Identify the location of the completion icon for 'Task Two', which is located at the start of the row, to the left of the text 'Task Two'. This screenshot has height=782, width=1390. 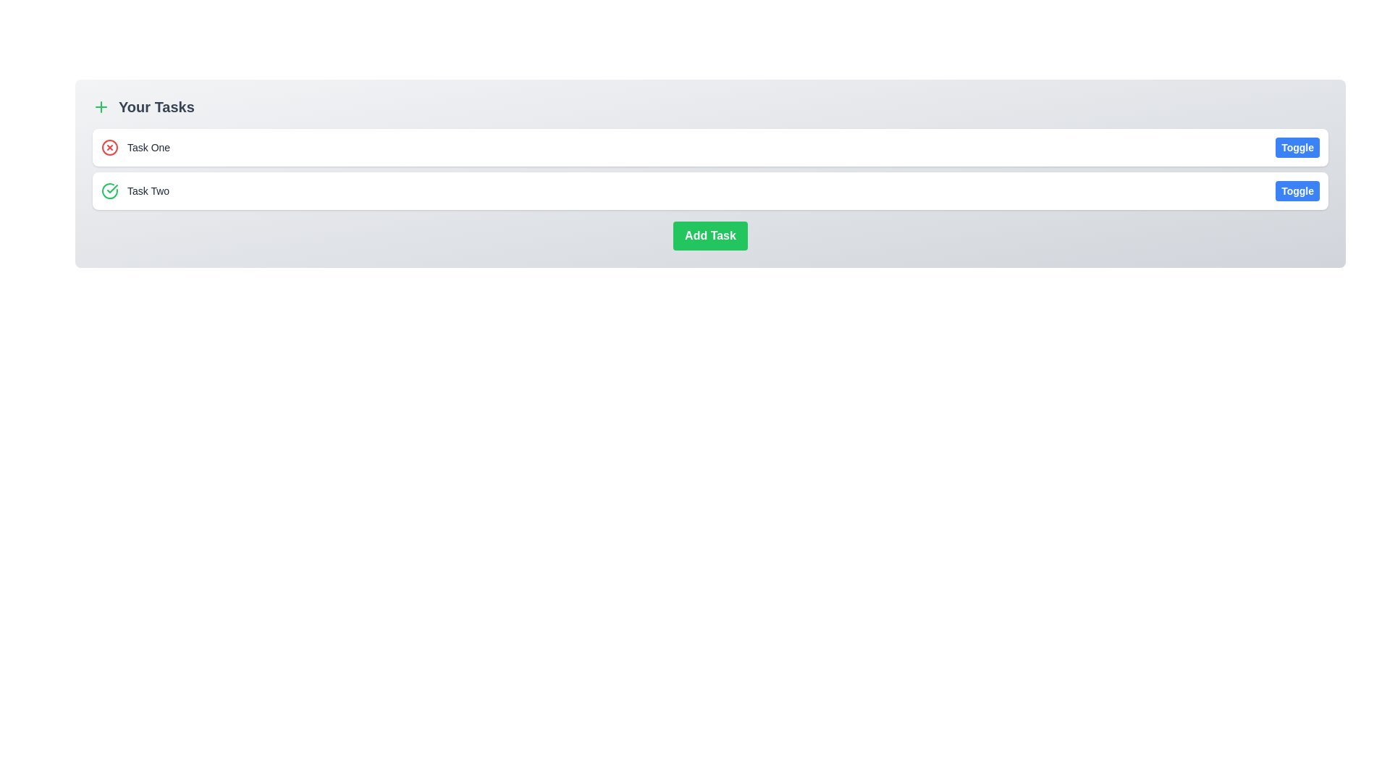
(109, 190).